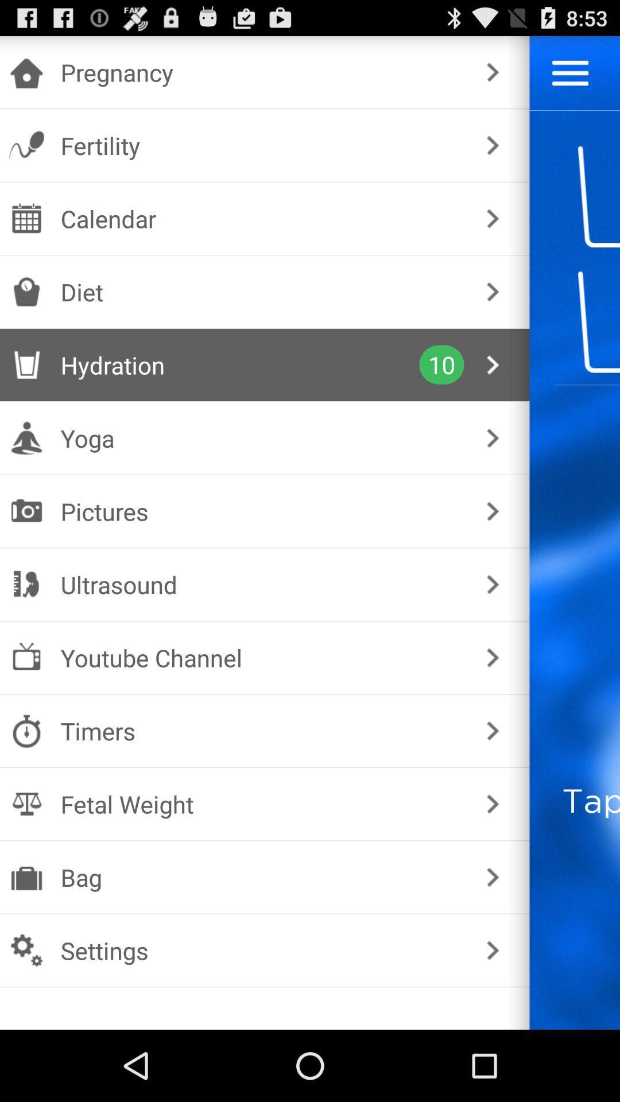 This screenshot has height=1102, width=620. What do you see at coordinates (262, 876) in the screenshot?
I see `bag checkbox` at bounding box center [262, 876].